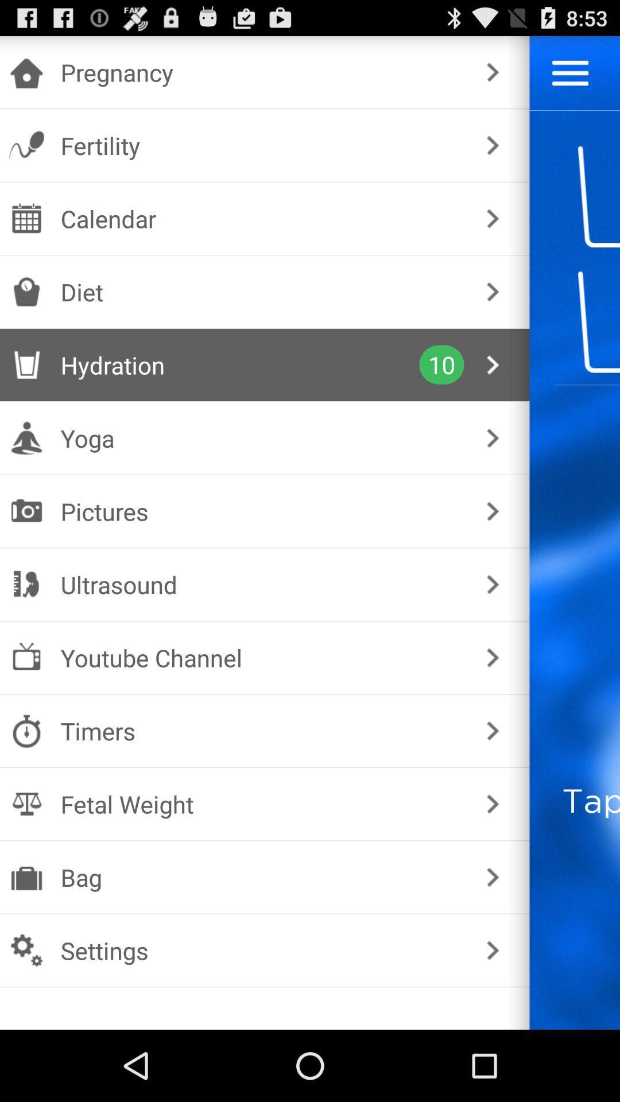 This screenshot has height=1102, width=620. What do you see at coordinates (262, 876) in the screenshot?
I see `bag checkbox` at bounding box center [262, 876].